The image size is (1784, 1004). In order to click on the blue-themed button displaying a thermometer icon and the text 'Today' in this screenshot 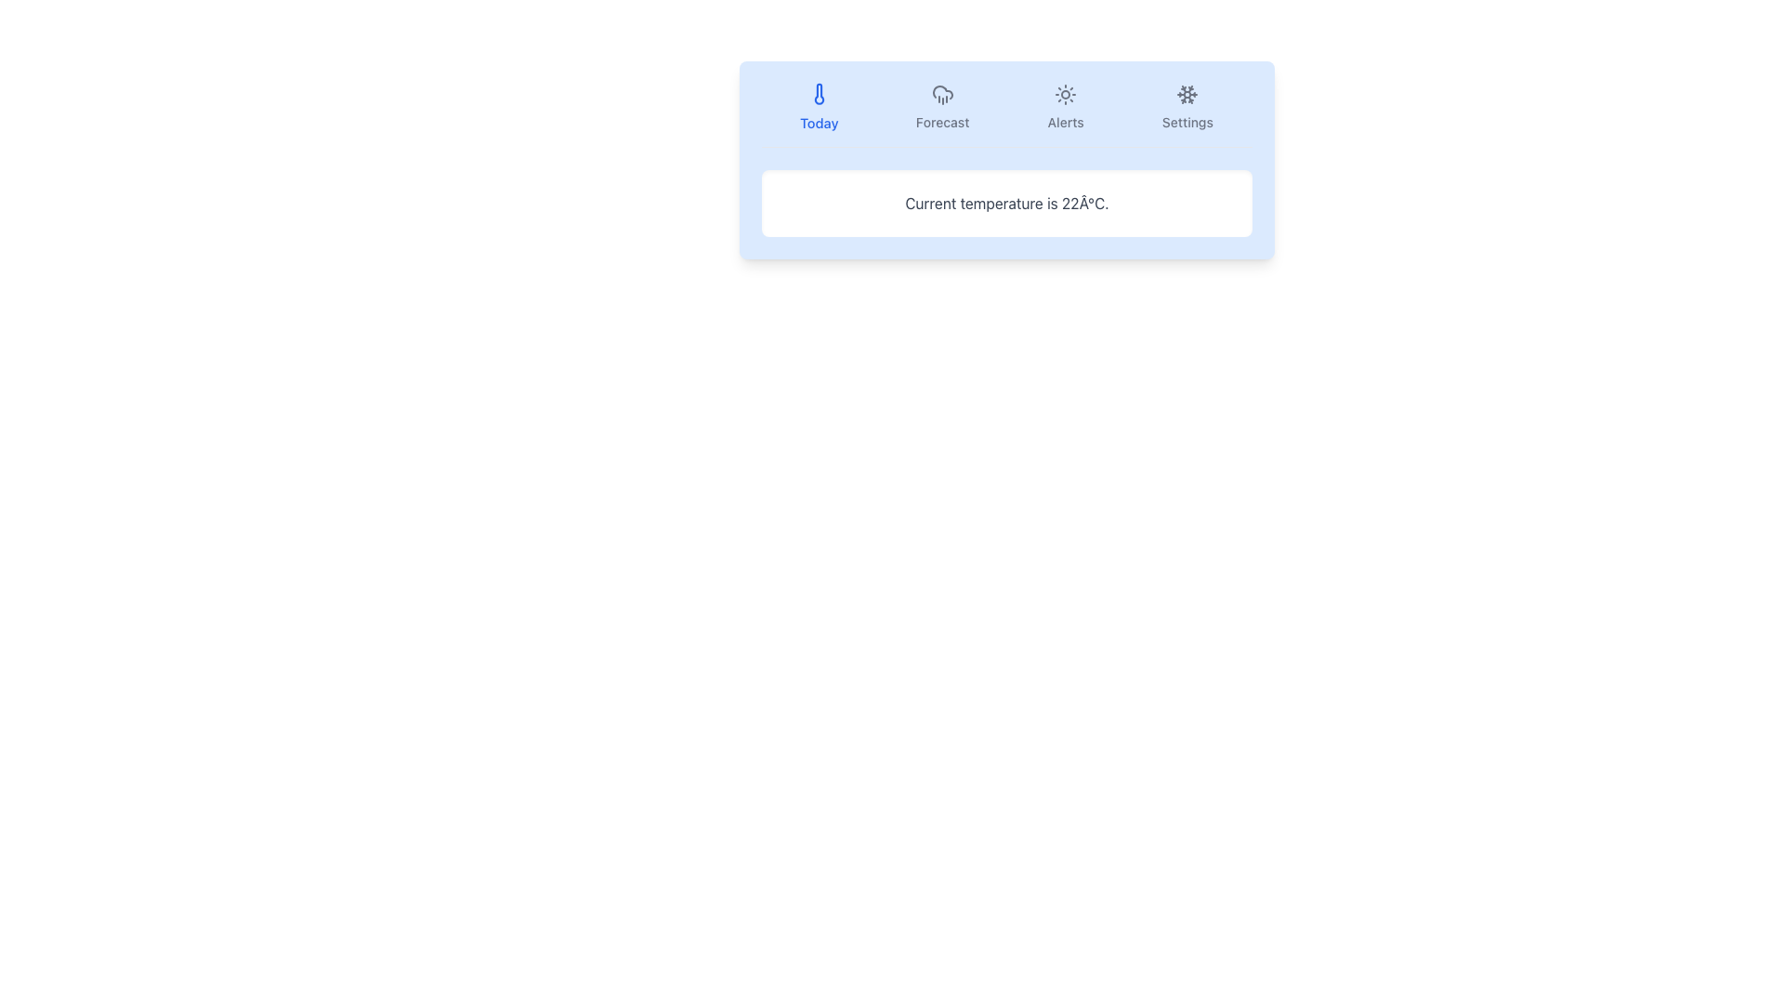, I will do `click(818, 107)`.